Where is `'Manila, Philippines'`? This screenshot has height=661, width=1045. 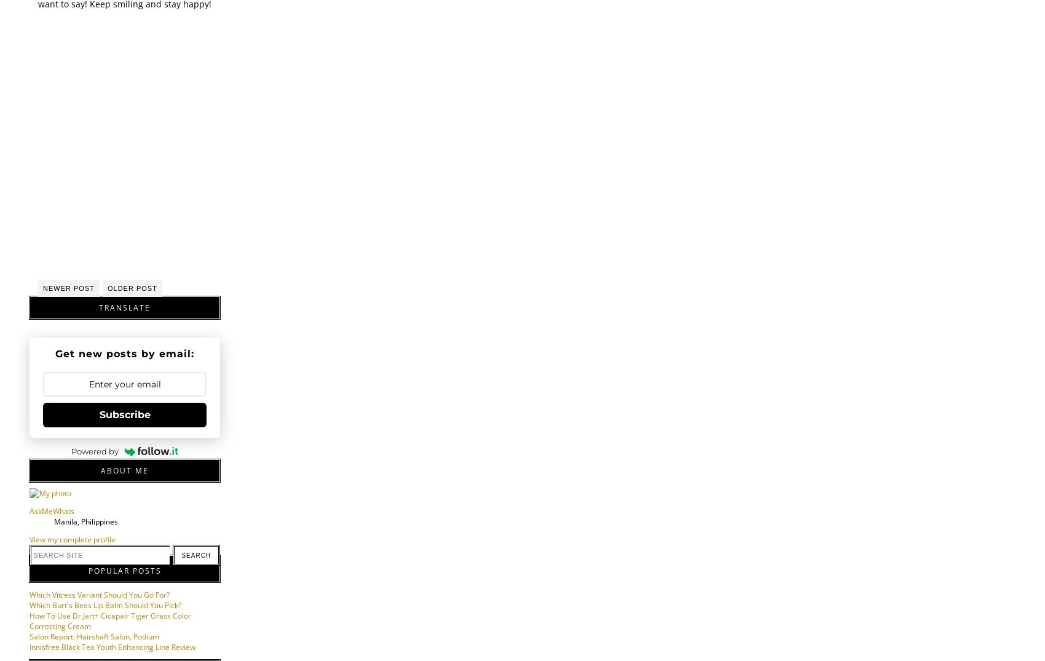
'Manila, Philippines' is located at coordinates (85, 521).